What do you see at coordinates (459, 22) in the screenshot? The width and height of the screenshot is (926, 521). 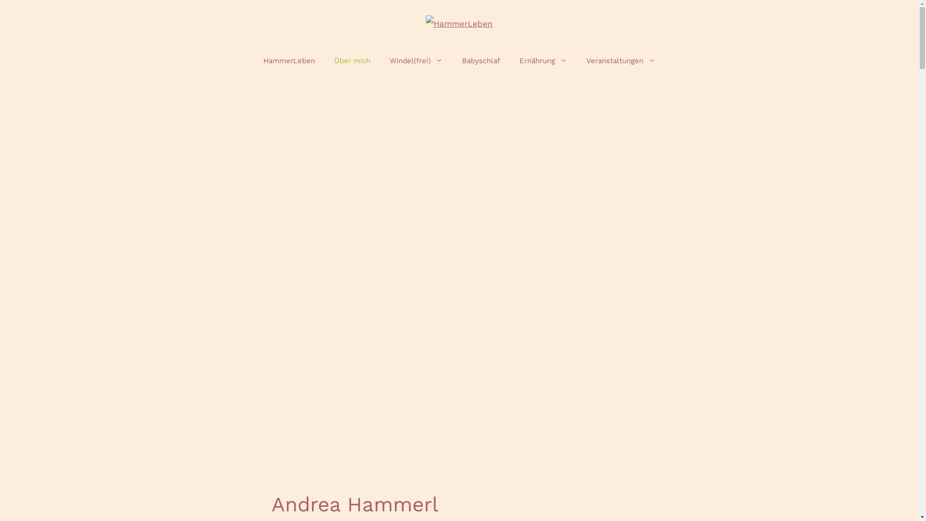 I see `'HammerLeben'` at bounding box center [459, 22].